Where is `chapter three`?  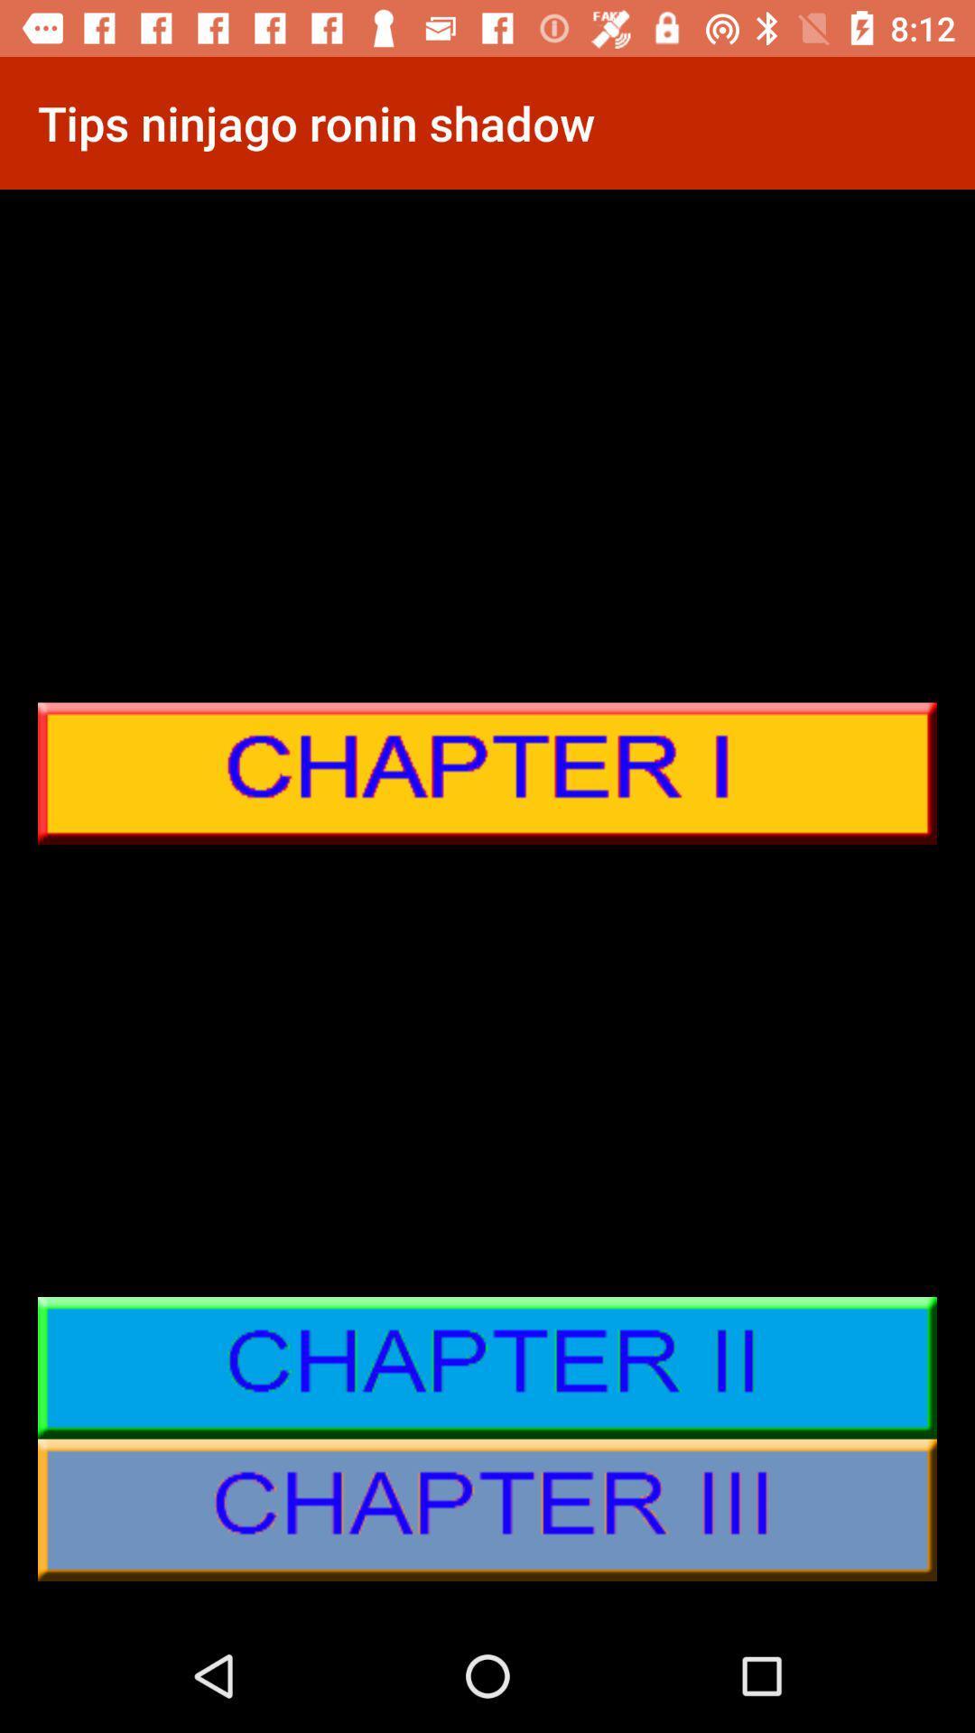 chapter three is located at coordinates (487, 1510).